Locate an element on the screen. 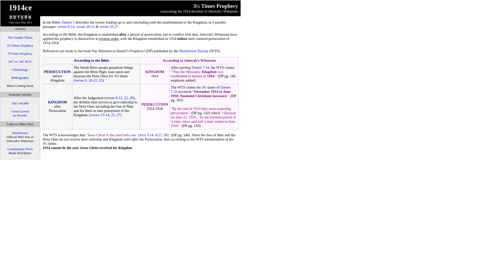 The image size is (482, 271). 'Daniel 7' is located at coordinates (68, 22).